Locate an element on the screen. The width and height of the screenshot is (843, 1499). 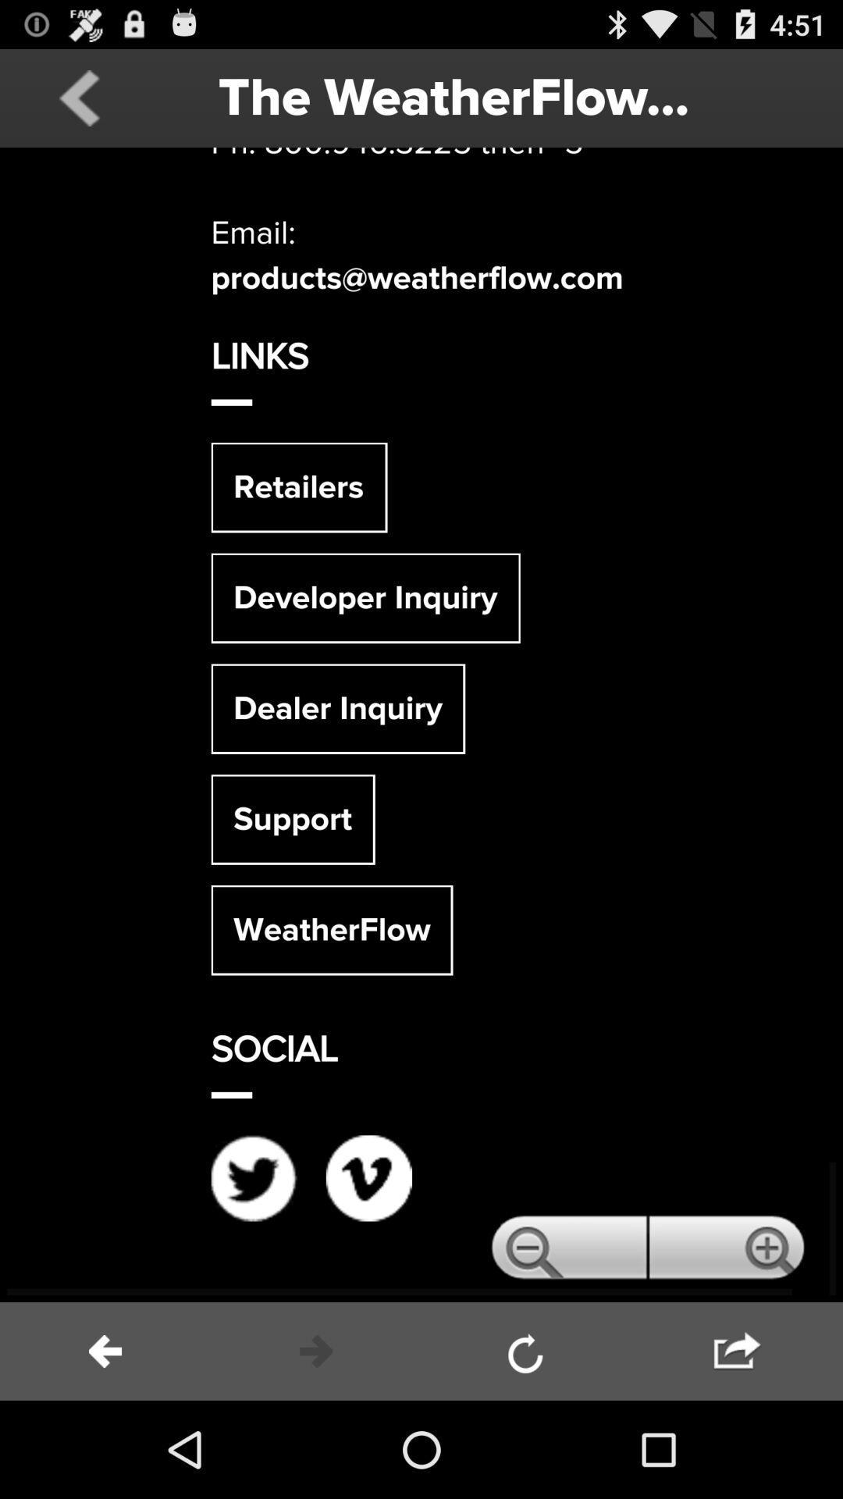
go back is located at coordinates (79, 97).